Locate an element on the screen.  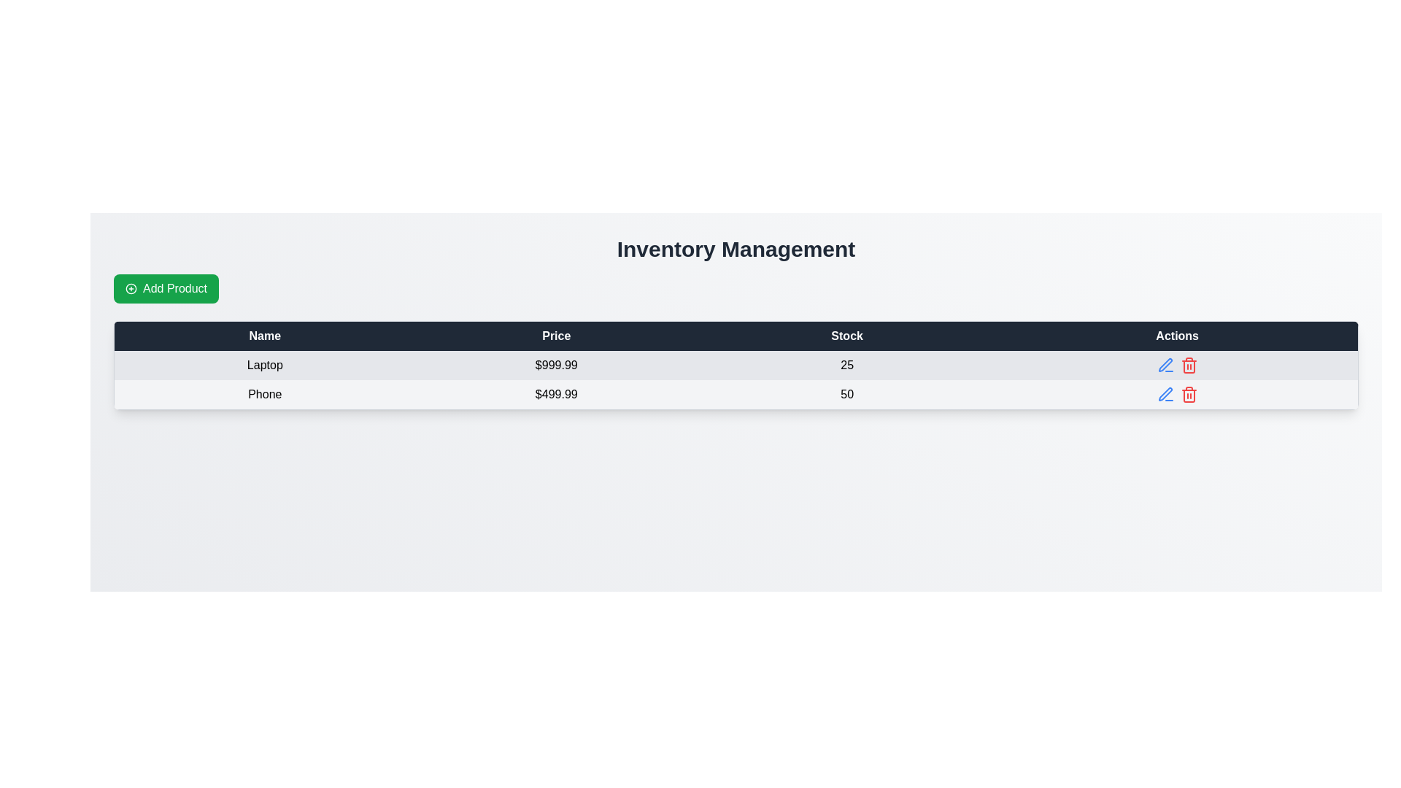
the text label element displaying the price '$499.99' for the product 'Phone' in the second row of the table under the 'Price' column is located at coordinates (555, 395).